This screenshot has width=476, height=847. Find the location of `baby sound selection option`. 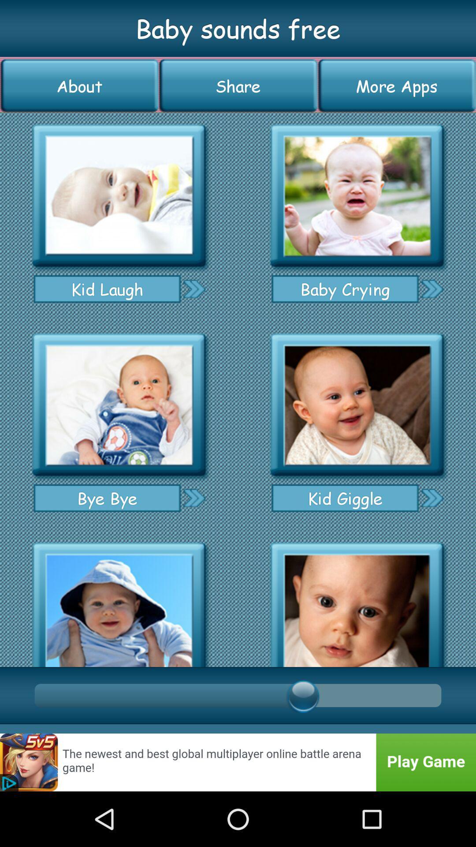

baby sound selection option is located at coordinates (119, 405).